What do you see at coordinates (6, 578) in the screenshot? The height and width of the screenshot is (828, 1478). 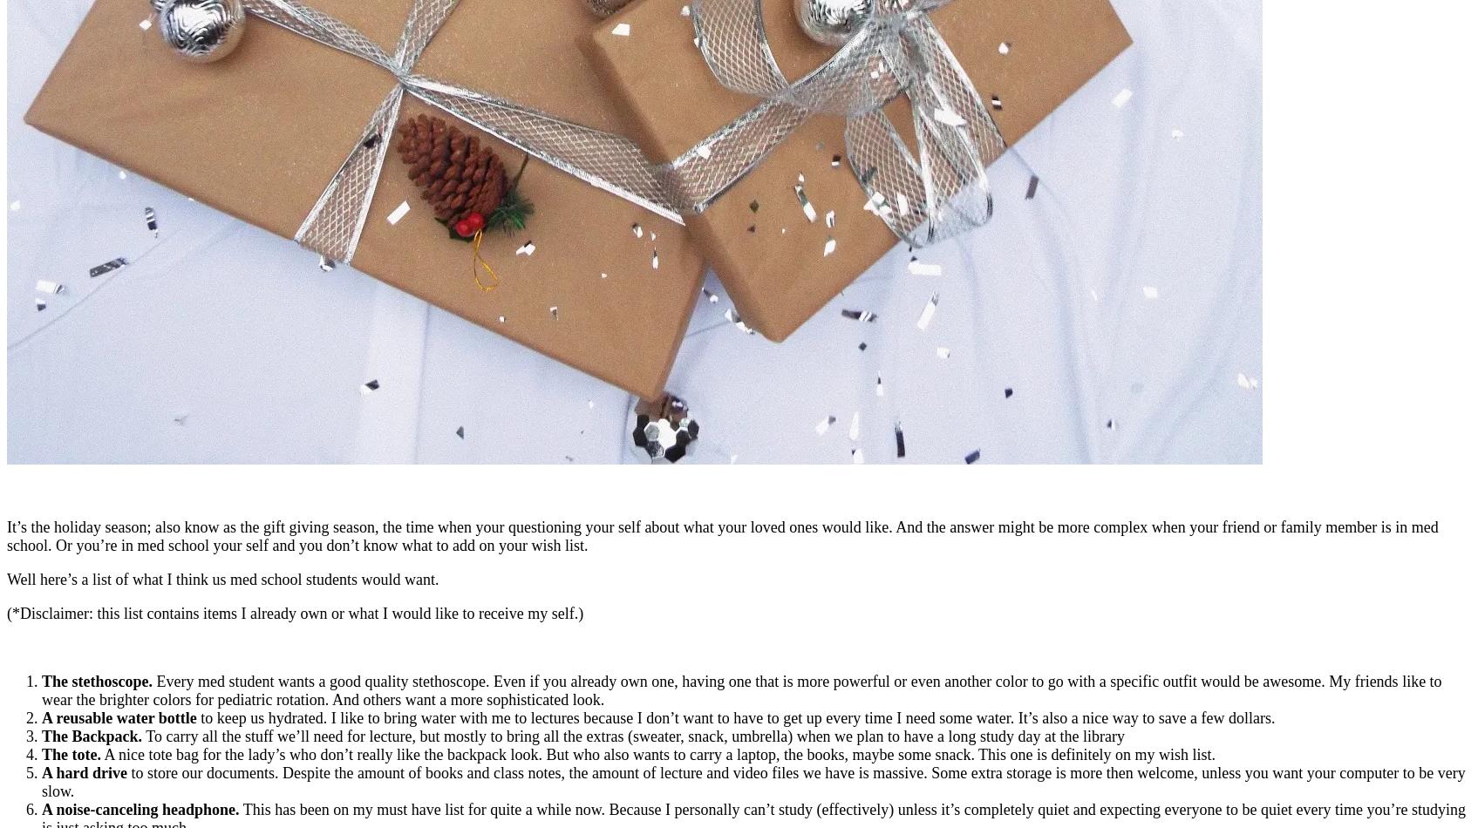 I see `'Well here’s a list of what I think us med school students would want.'` at bounding box center [6, 578].